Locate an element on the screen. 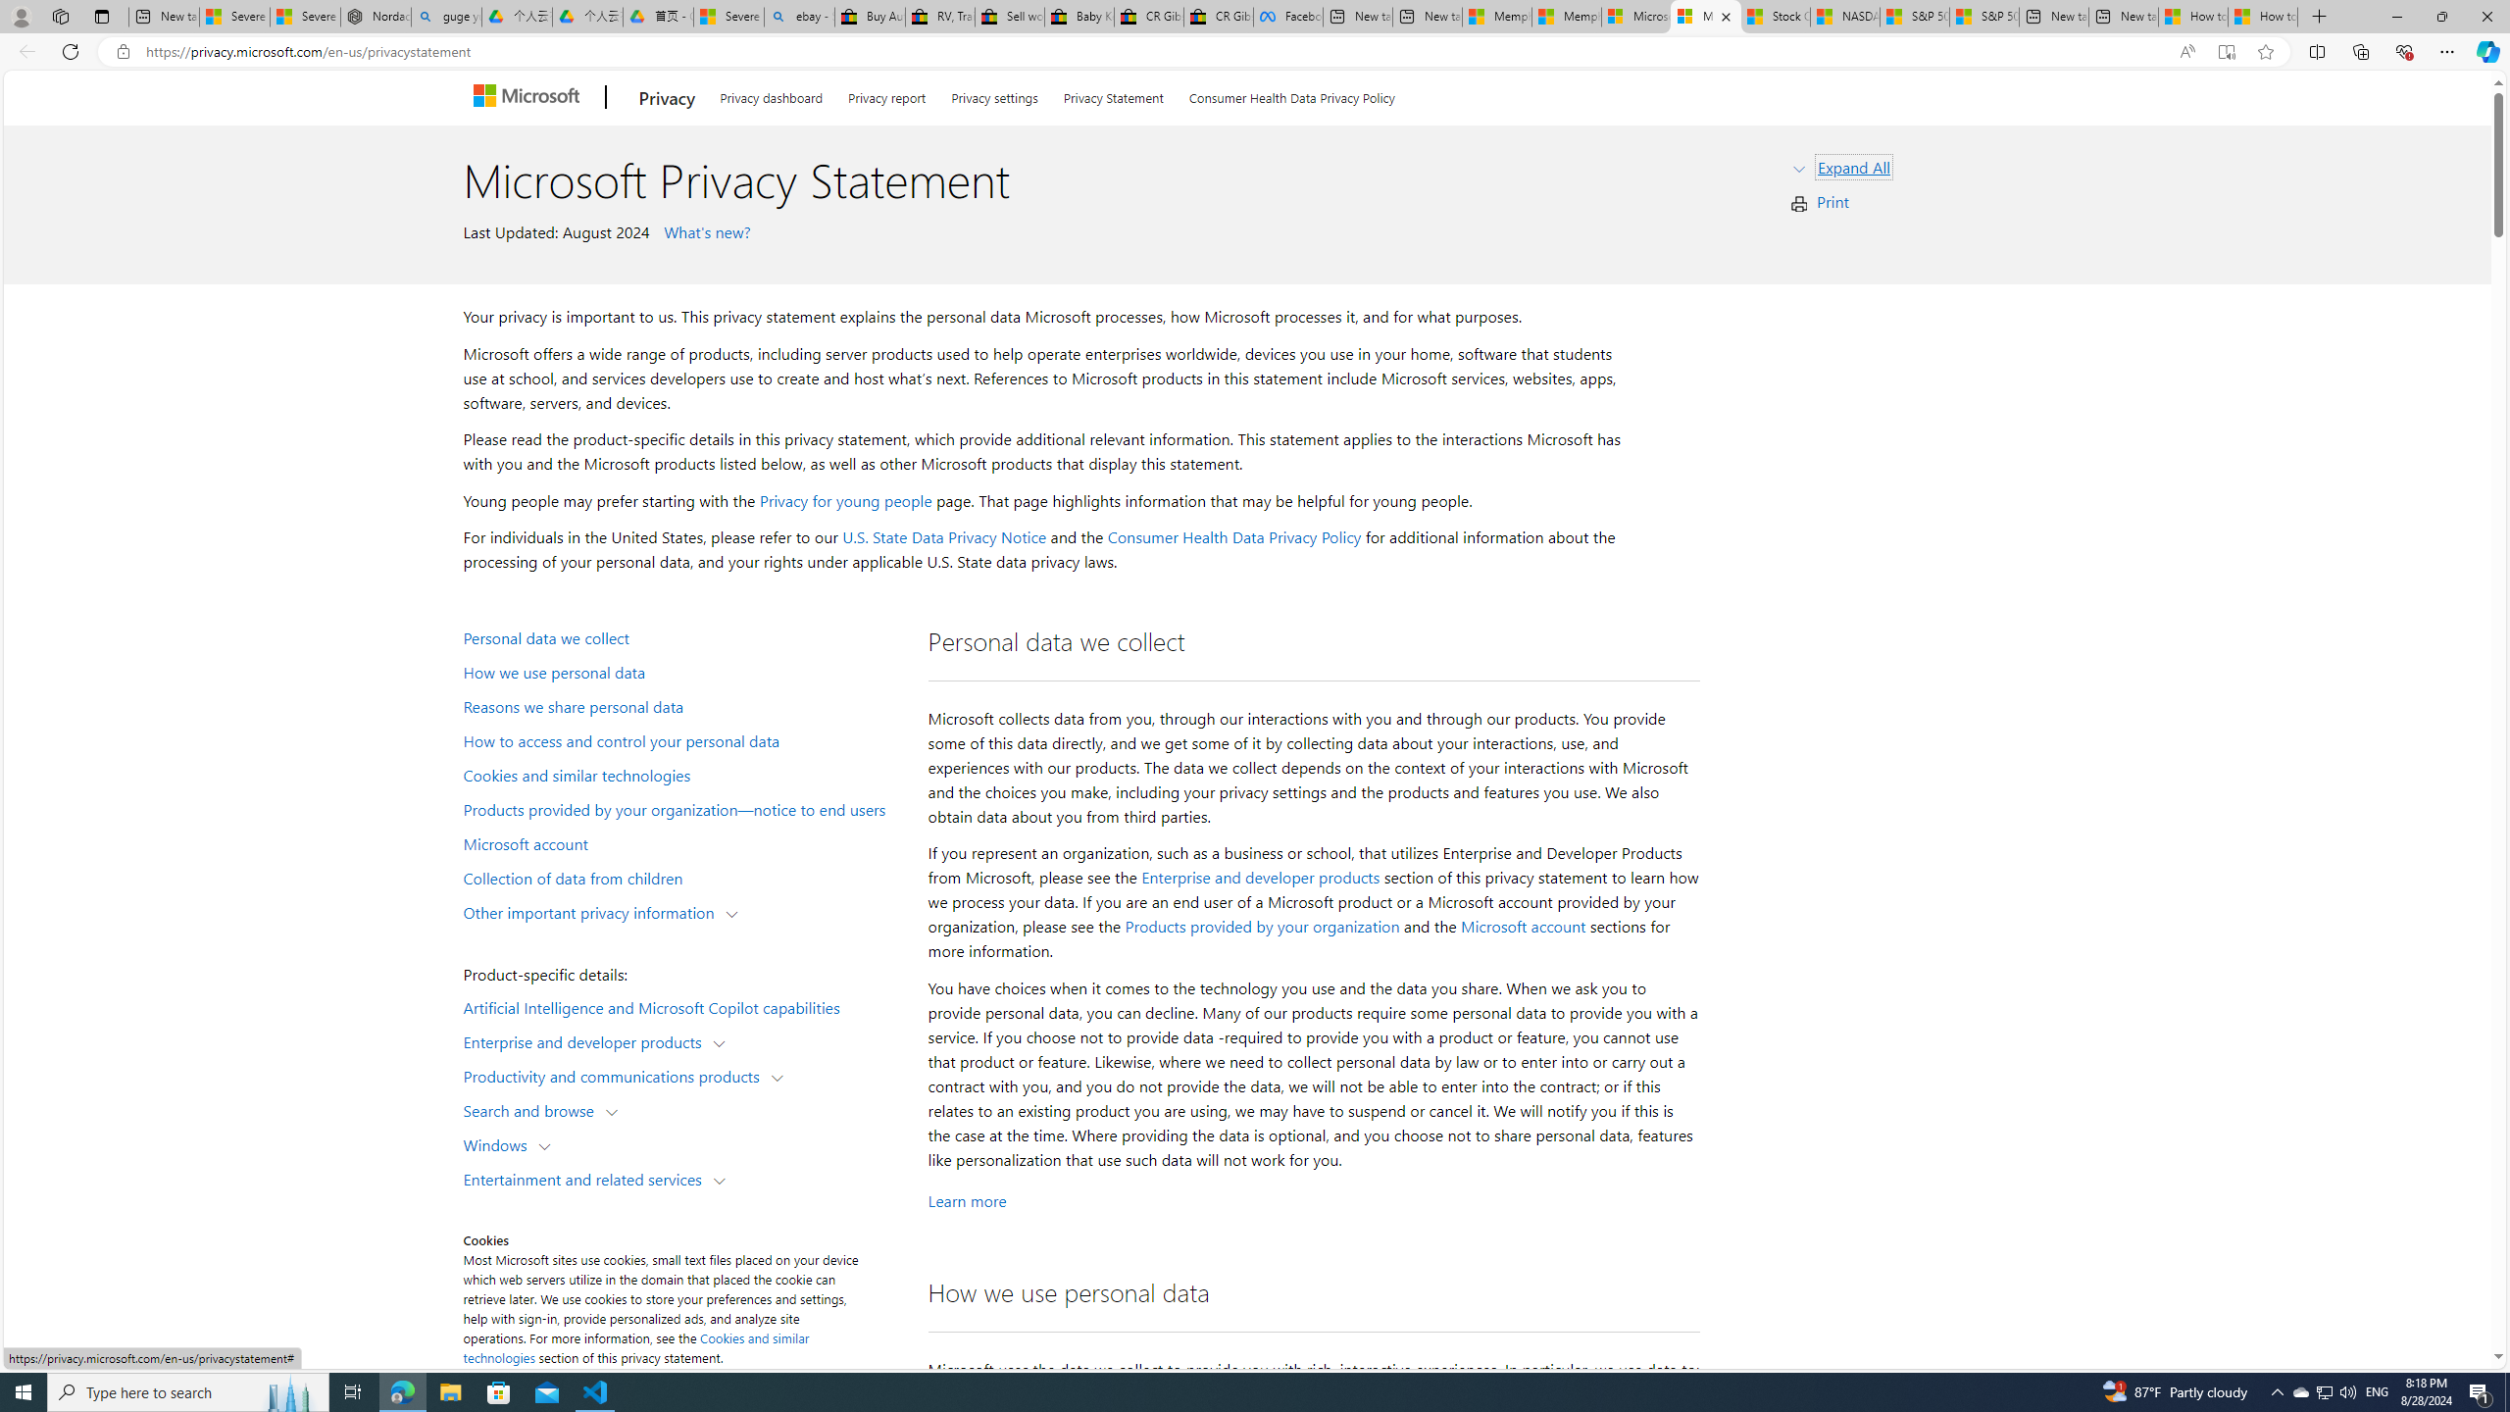 Image resolution: width=2510 pixels, height=1412 pixels. 'Split screen' is located at coordinates (2318, 50).